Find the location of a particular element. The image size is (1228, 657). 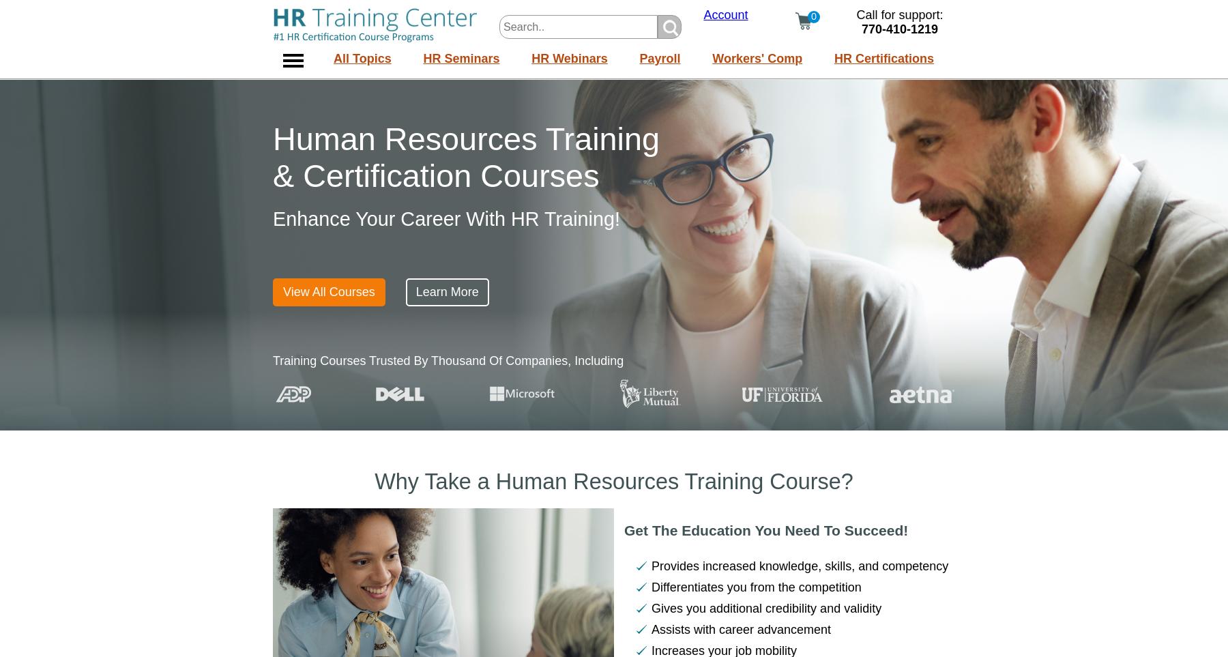

'Differentiates you from the competition' is located at coordinates (651, 586).